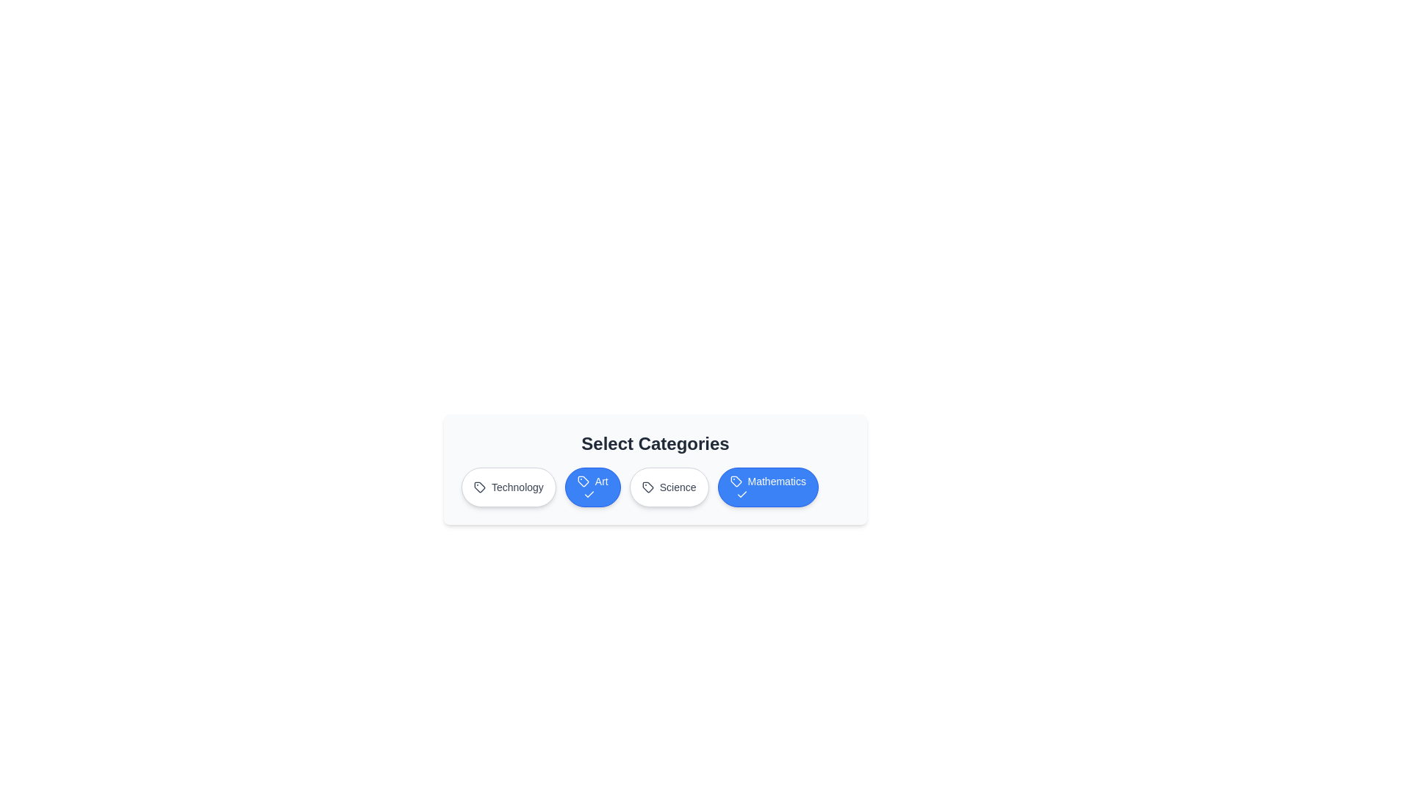 This screenshot has width=1411, height=794. I want to click on the icon within the category button labeled Art, so click(581, 482).